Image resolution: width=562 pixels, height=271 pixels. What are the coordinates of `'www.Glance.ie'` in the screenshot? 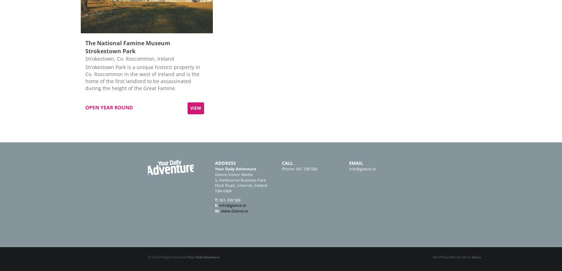 It's located at (221, 210).